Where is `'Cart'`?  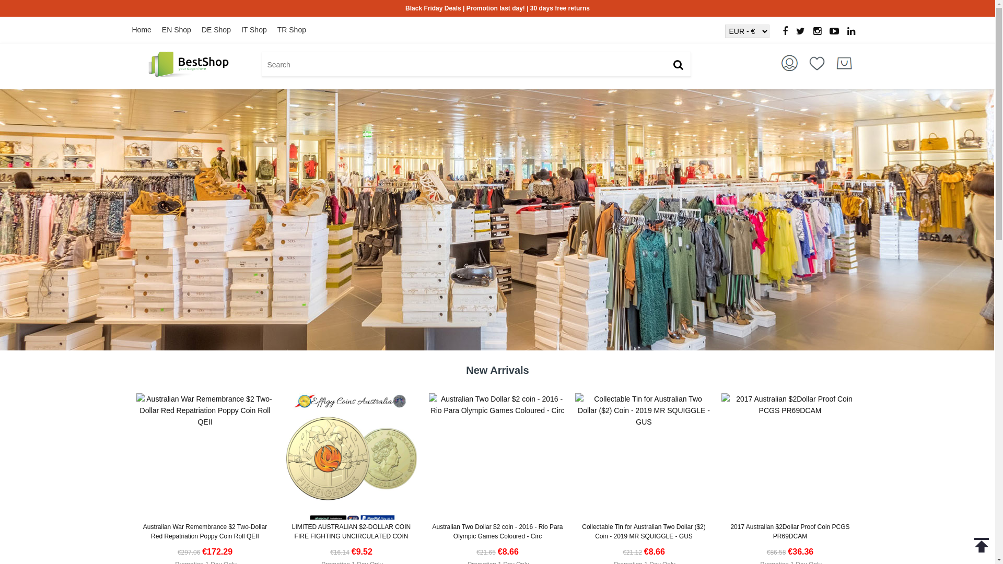
'Cart' is located at coordinates (844, 63).